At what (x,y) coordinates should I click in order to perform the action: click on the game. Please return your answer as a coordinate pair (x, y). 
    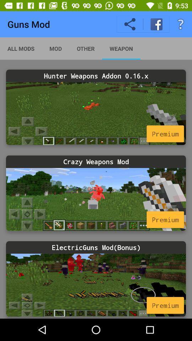
    Looking at the image, I should click on (96, 113).